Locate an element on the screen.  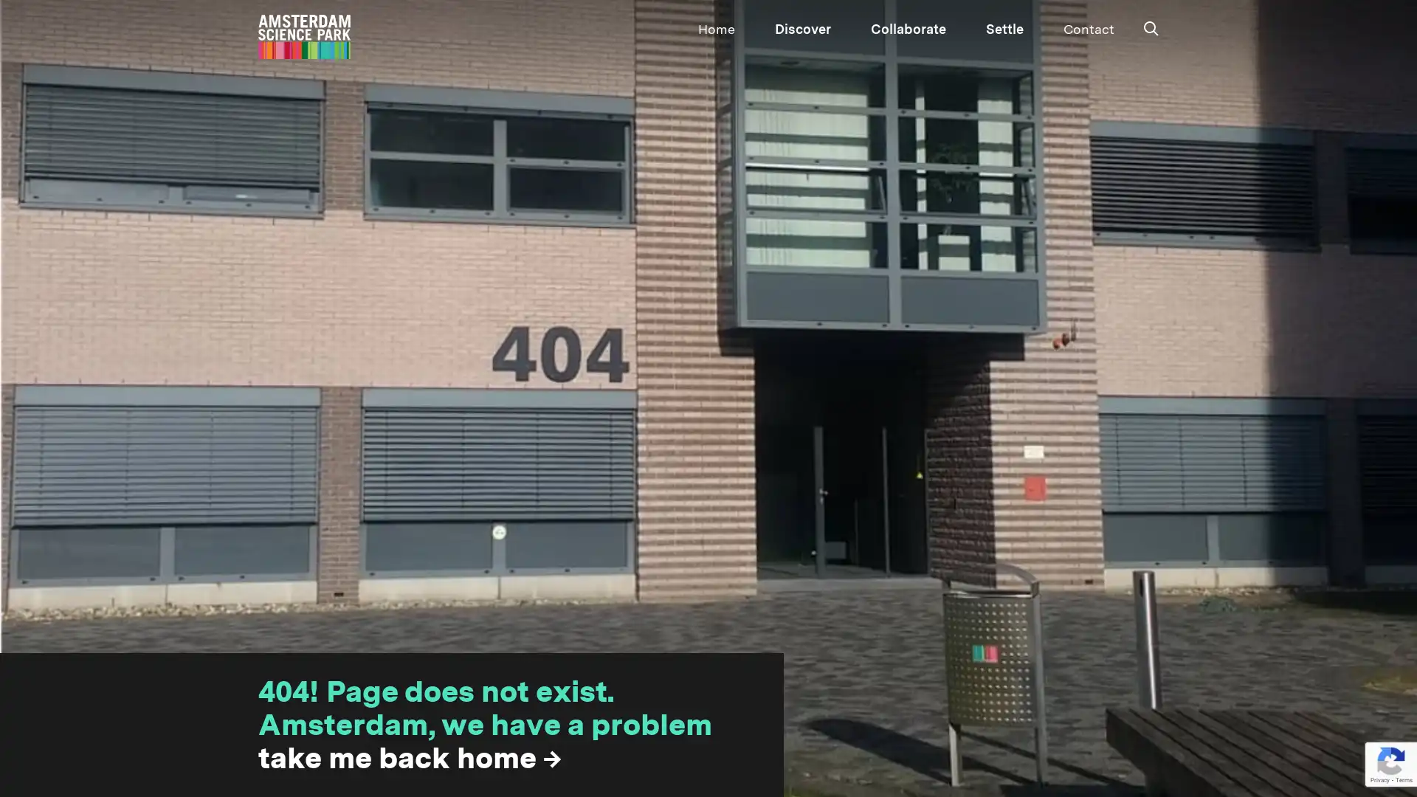
SEARCH is located at coordinates (692, 26).